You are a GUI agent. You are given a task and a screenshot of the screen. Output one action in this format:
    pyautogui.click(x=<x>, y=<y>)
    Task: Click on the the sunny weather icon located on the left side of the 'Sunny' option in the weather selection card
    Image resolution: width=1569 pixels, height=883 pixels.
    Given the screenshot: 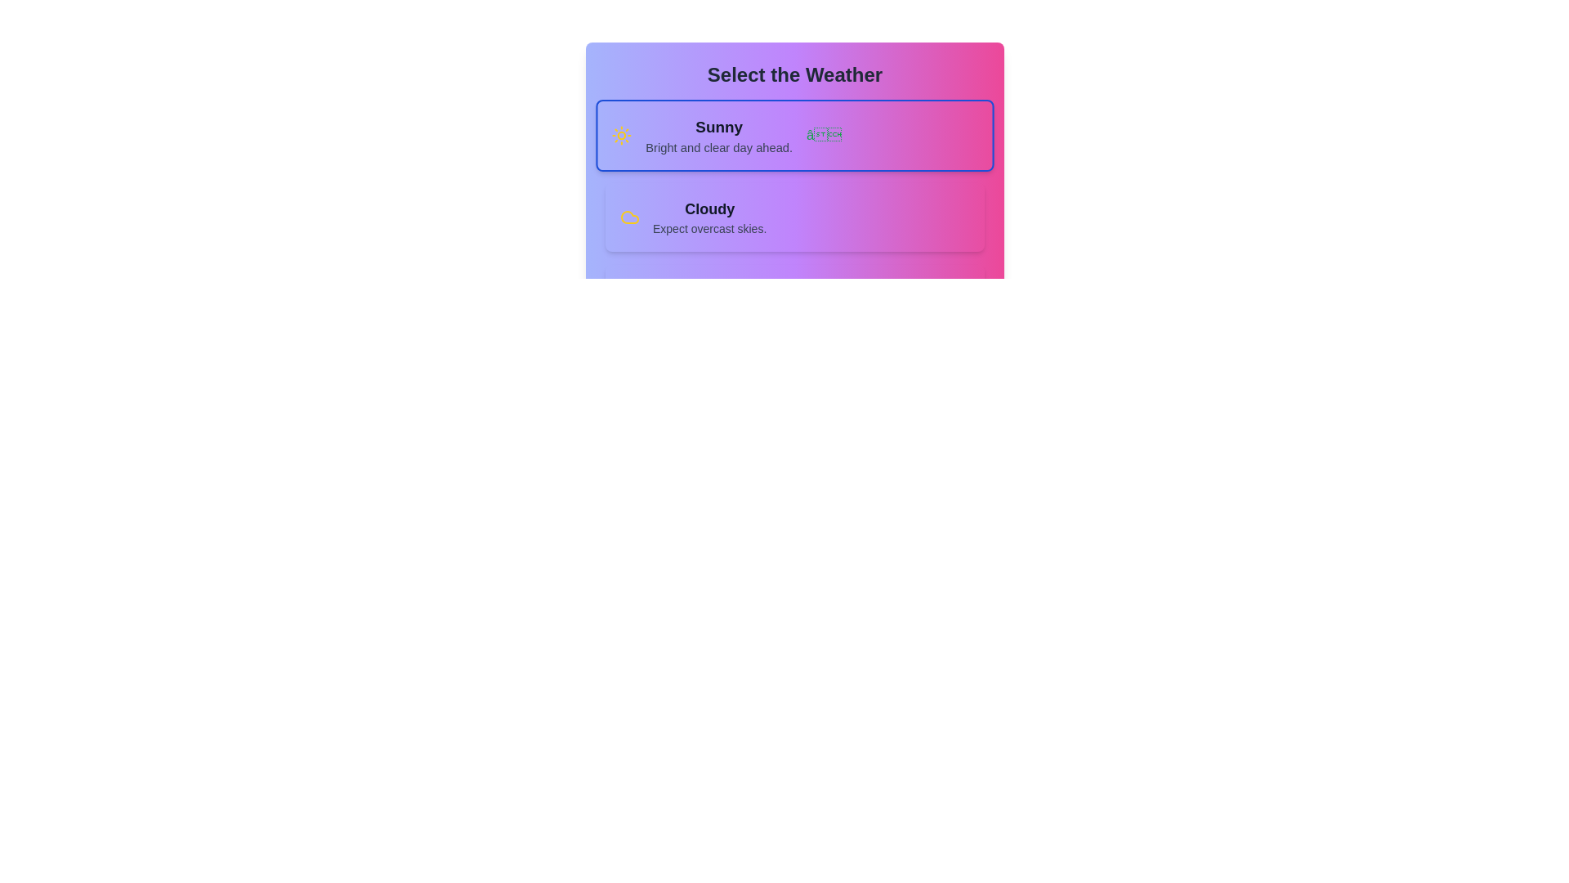 What is the action you would take?
    pyautogui.click(x=620, y=134)
    